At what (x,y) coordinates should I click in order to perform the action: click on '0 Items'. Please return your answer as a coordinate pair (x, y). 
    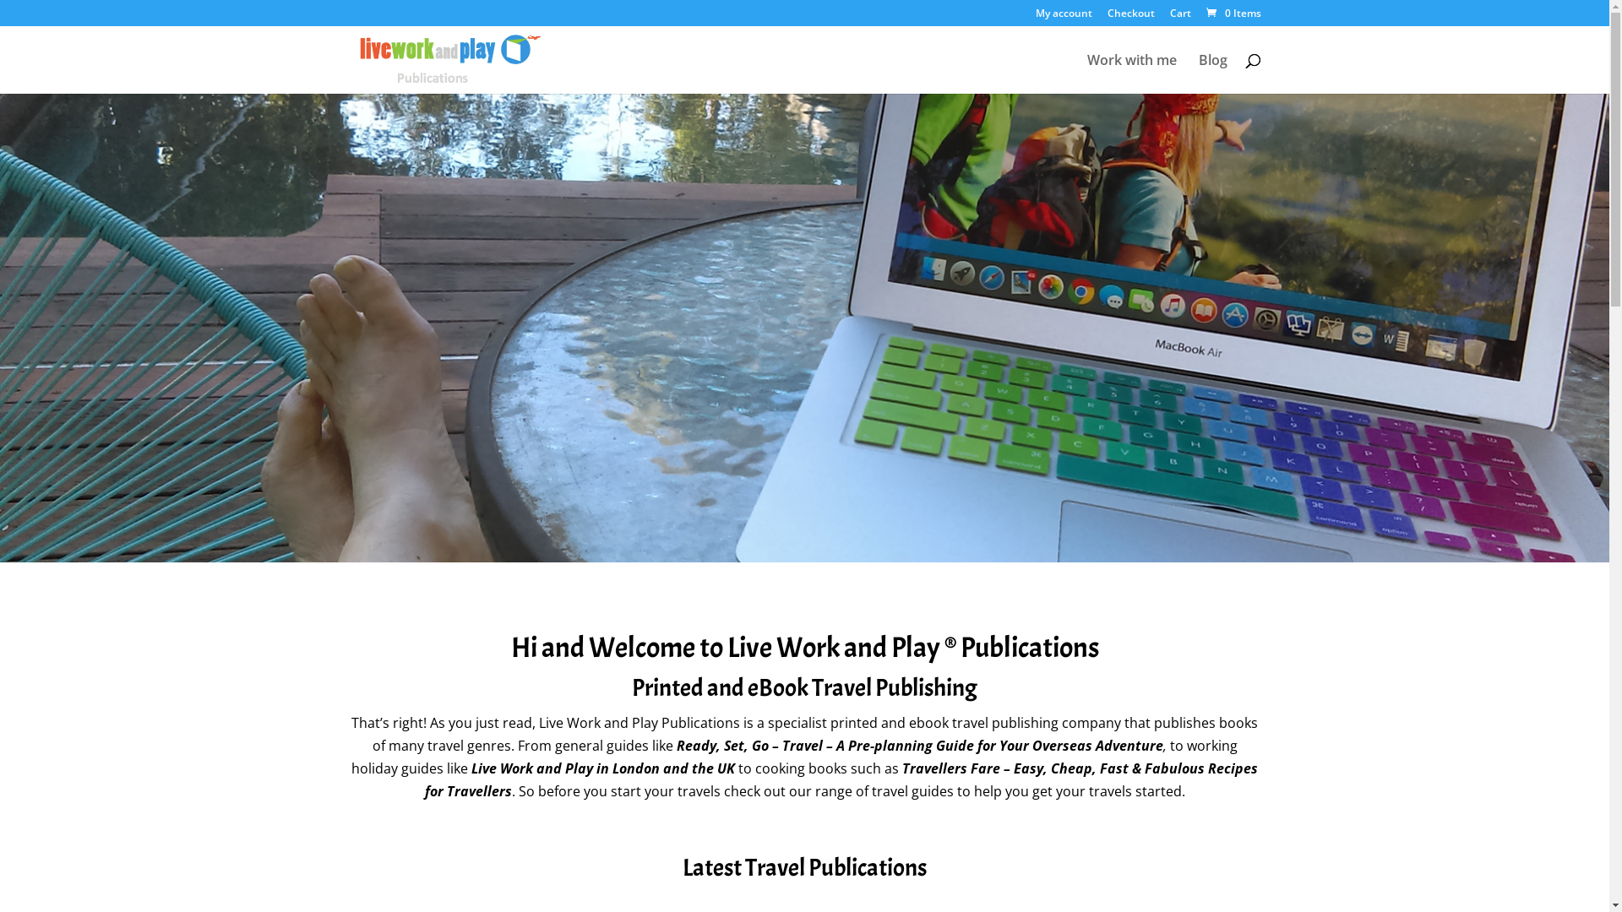
    Looking at the image, I should click on (1232, 13).